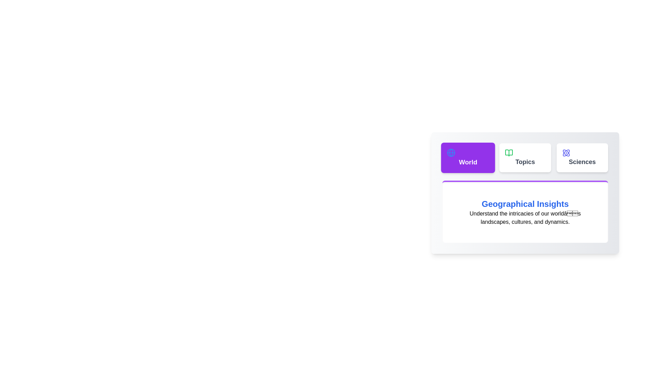  I want to click on the tab labeled Sciences to switch the content displayed, so click(582, 157).